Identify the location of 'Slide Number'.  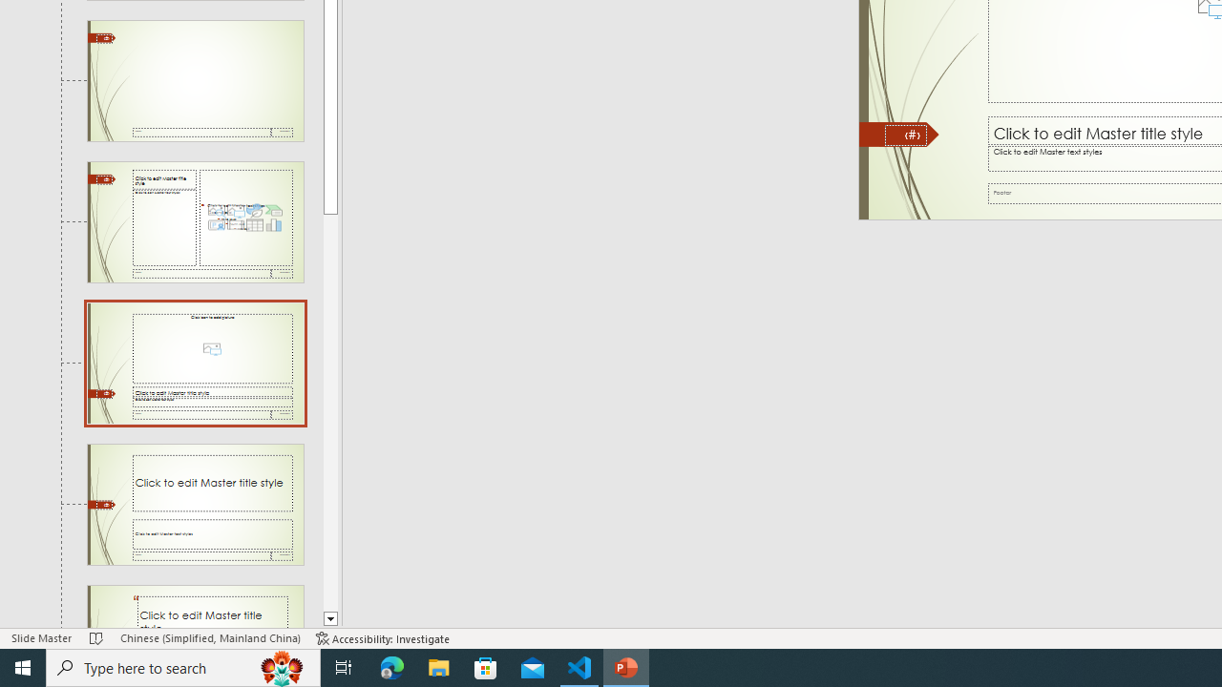
(905, 134).